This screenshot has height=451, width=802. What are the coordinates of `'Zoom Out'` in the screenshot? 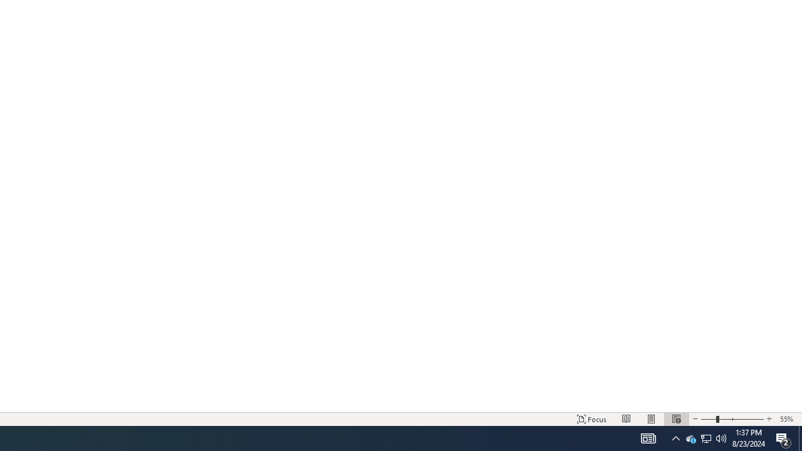 It's located at (708, 419).